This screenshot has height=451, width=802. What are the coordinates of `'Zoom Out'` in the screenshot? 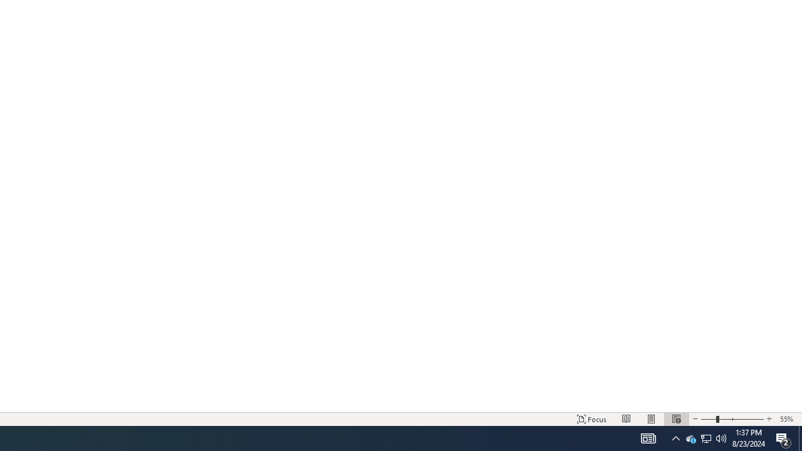 It's located at (708, 419).